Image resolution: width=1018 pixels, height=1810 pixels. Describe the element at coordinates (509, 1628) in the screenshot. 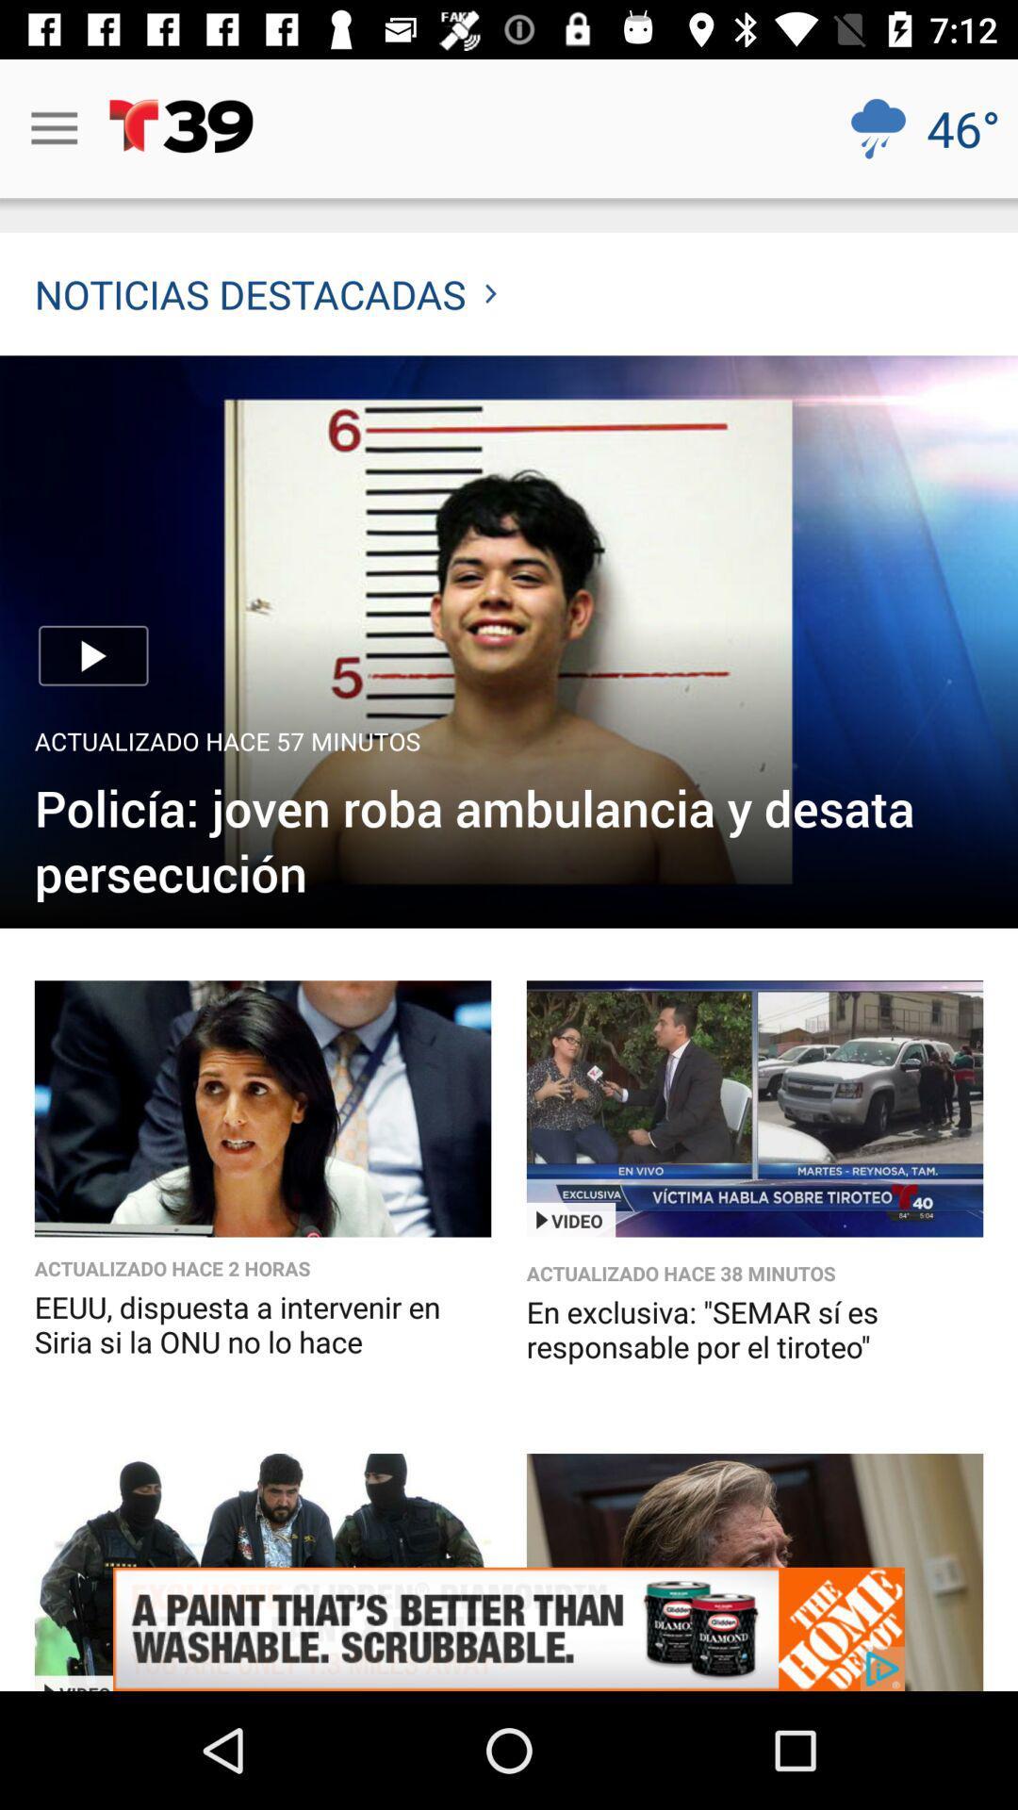

I see `icon below en exclusiva semar item` at that location.